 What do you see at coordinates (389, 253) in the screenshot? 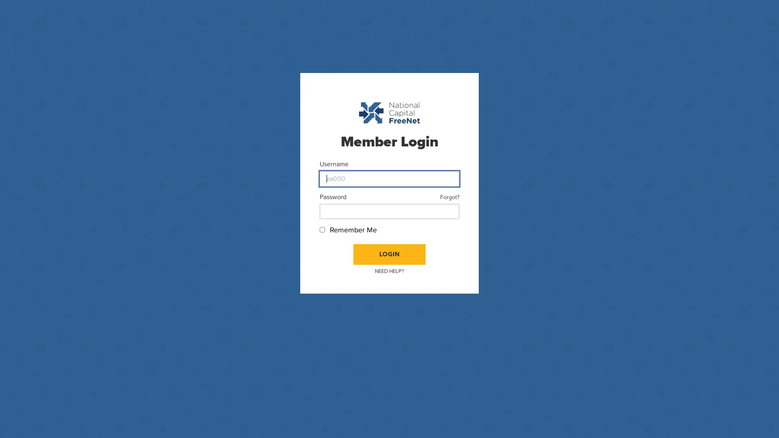
I see `LOGIN` at bounding box center [389, 253].